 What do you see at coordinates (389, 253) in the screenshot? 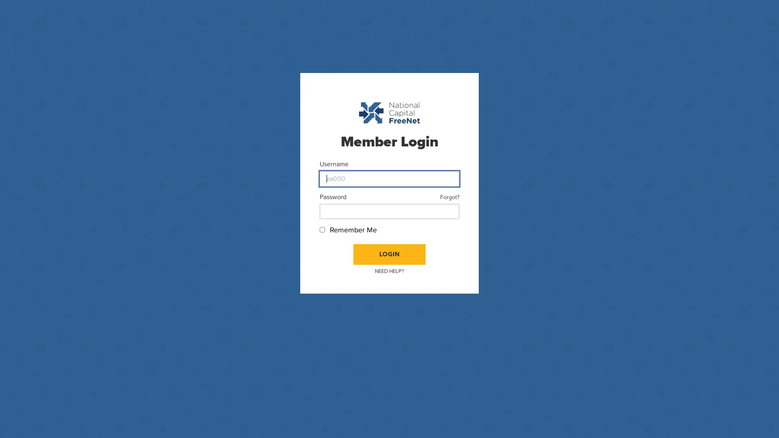
I see `LOGIN` at bounding box center [389, 253].